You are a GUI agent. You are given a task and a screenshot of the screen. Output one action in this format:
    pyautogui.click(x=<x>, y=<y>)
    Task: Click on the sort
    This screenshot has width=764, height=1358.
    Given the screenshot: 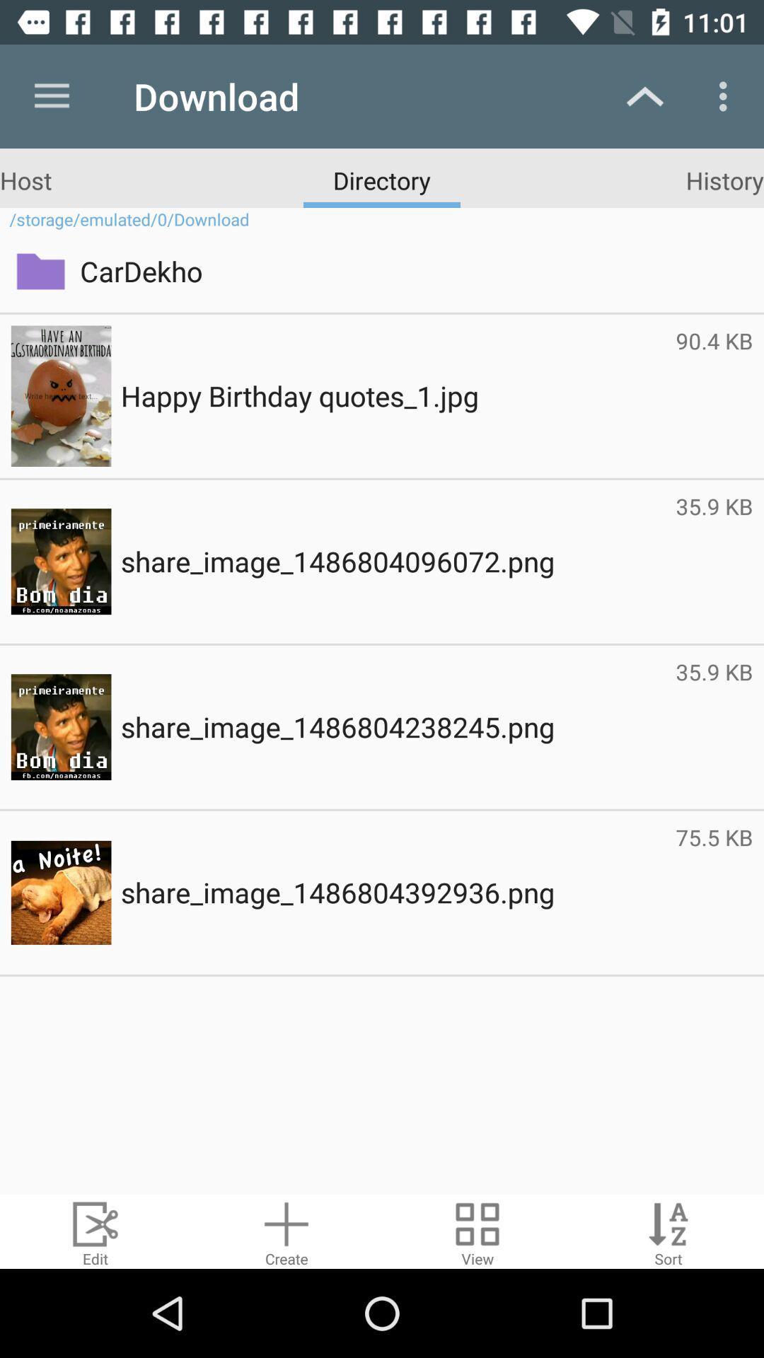 What is the action you would take?
    pyautogui.click(x=668, y=1231)
    